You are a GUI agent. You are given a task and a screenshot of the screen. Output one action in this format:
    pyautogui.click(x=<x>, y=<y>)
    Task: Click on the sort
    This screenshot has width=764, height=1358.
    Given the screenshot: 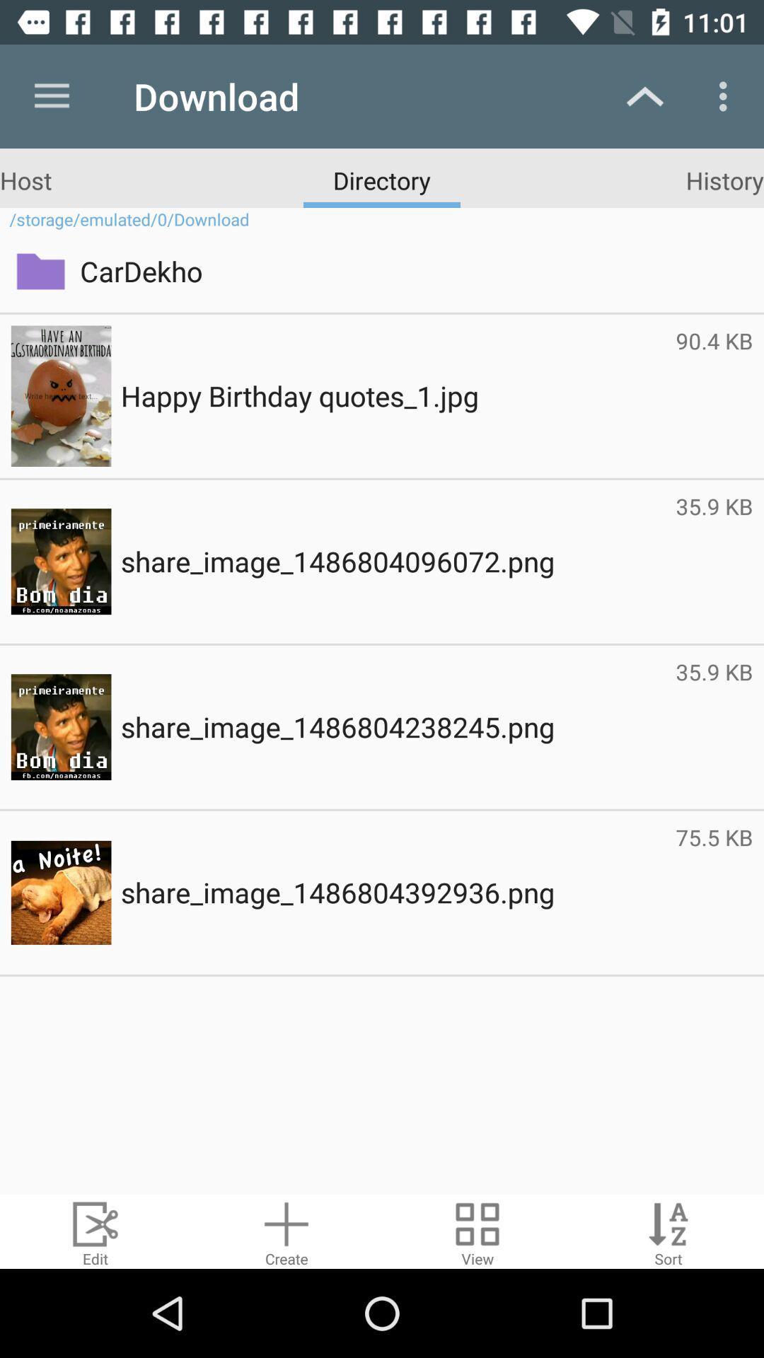 What is the action you would take?
    pyautogui.click(x=668, y=1231)
    